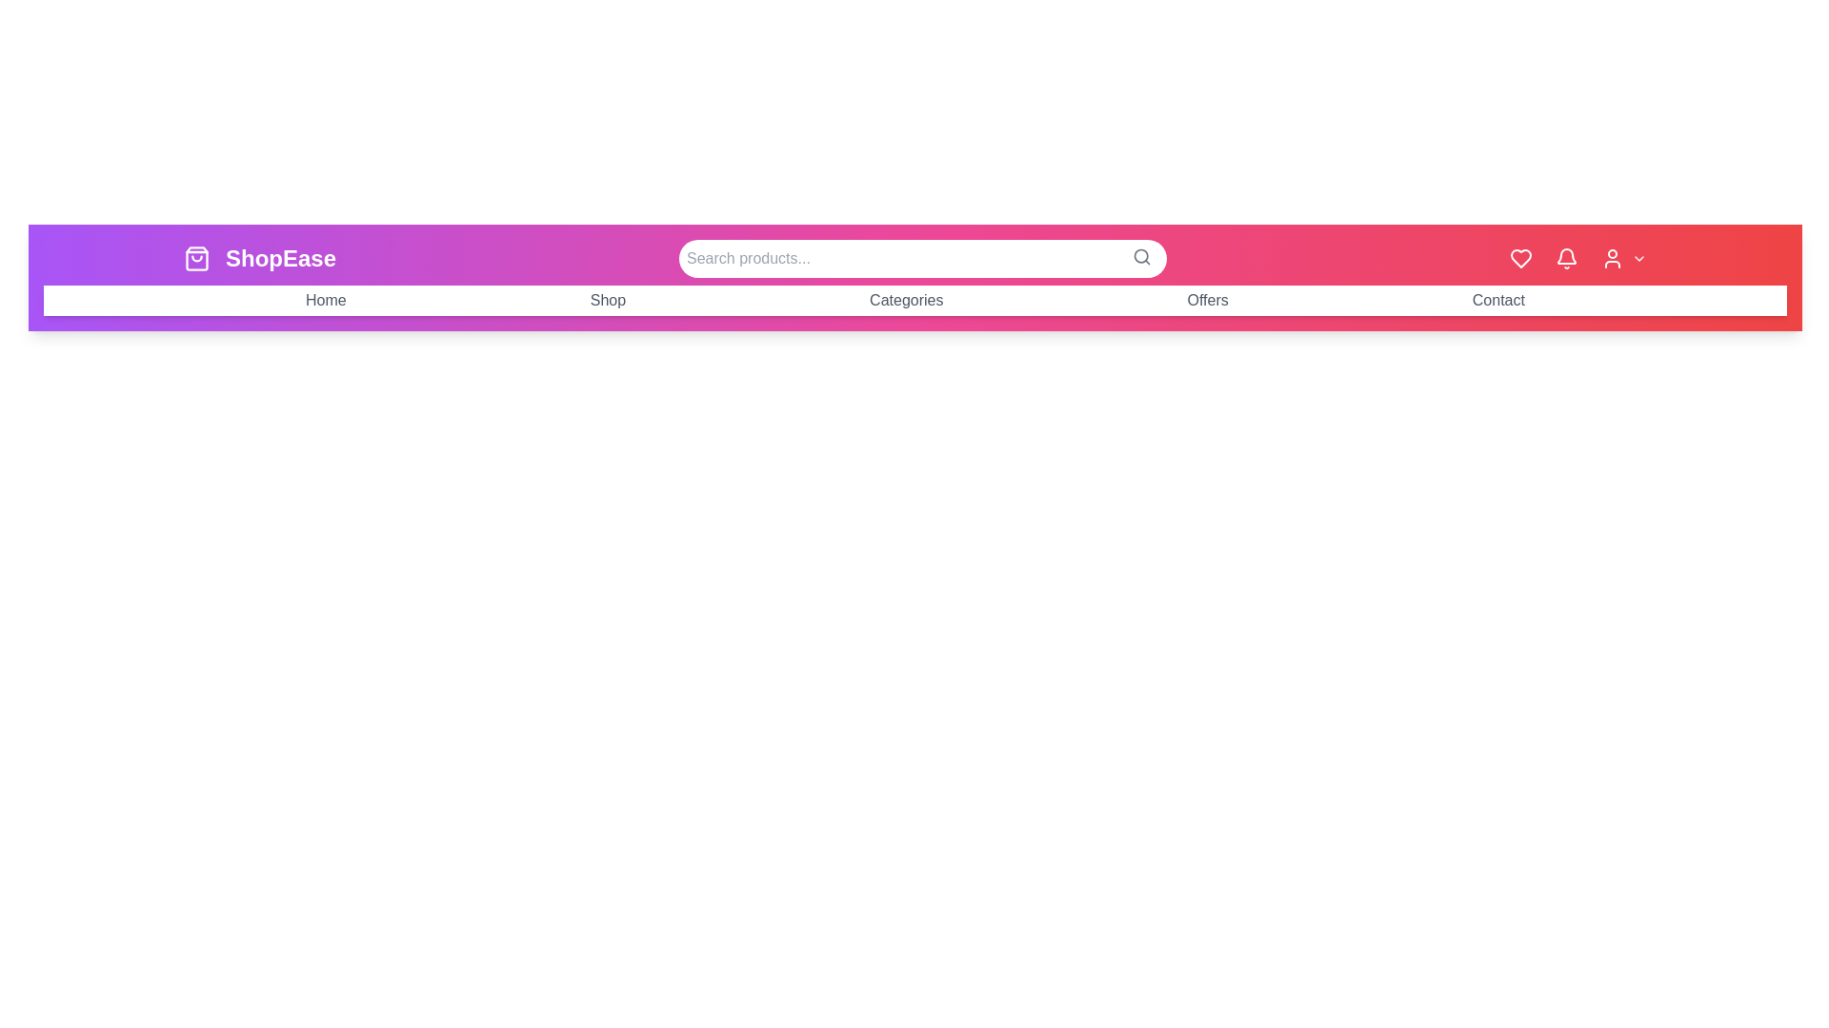 This screenshot has width=1829, height=1028. Describe the element at coordinates (1612, 259) in the screenshot. I see `the user icon in the app bar` at that location.